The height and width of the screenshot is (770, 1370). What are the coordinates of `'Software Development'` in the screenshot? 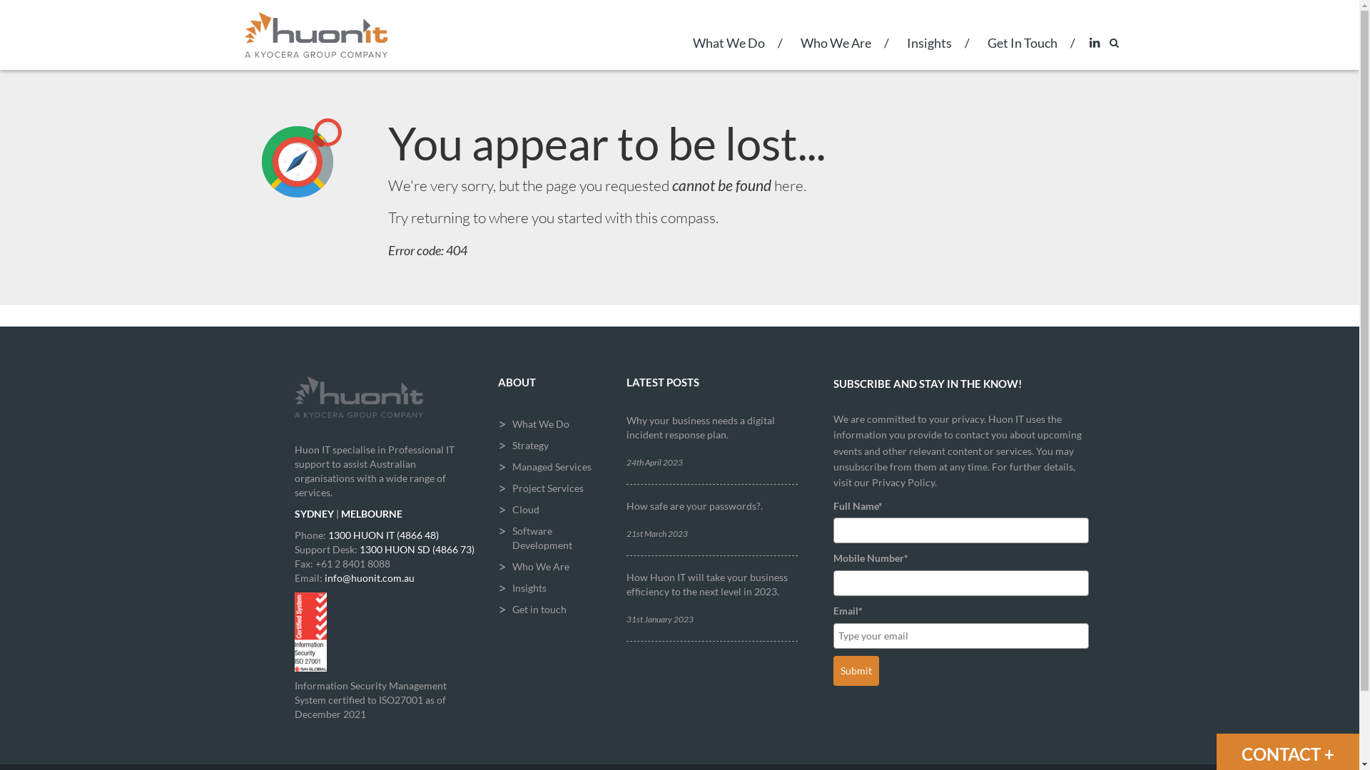 It's located at (550, 538).